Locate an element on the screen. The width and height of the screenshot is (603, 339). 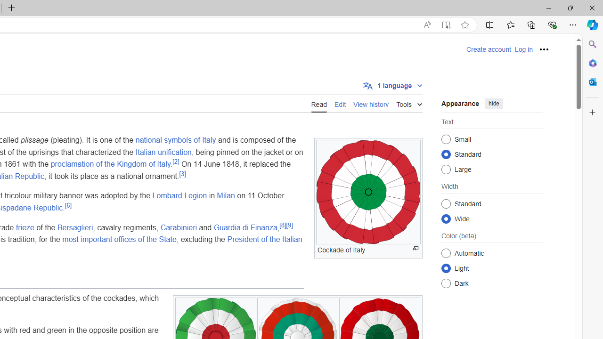
'national symbols of Italy' is located at coordinates (176, 140).